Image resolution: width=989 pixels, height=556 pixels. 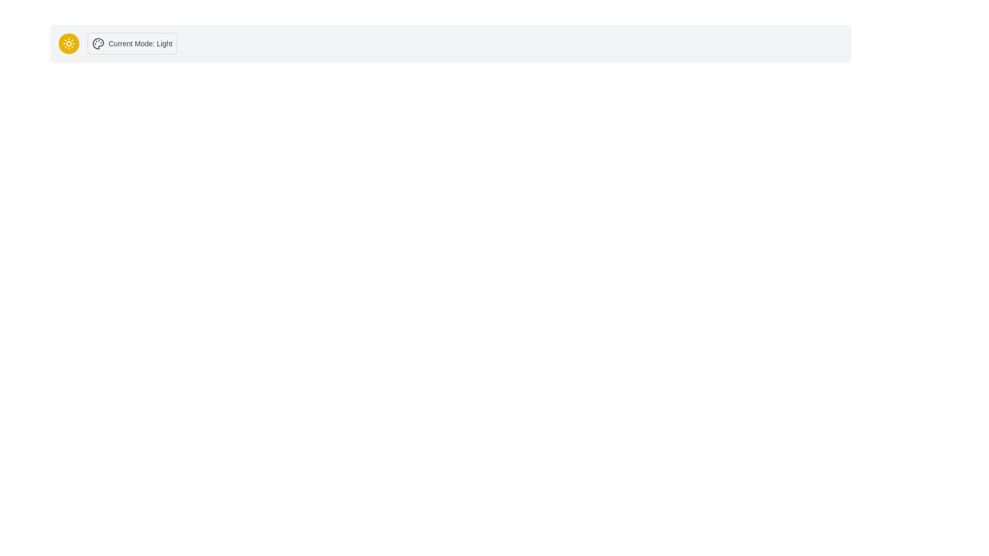 I want to click on the informational display that indicates the current mode setting (either 'Light' or 'Dark'), which is located to the right of a circular button with a sun icon, so click(x=131, y=43).